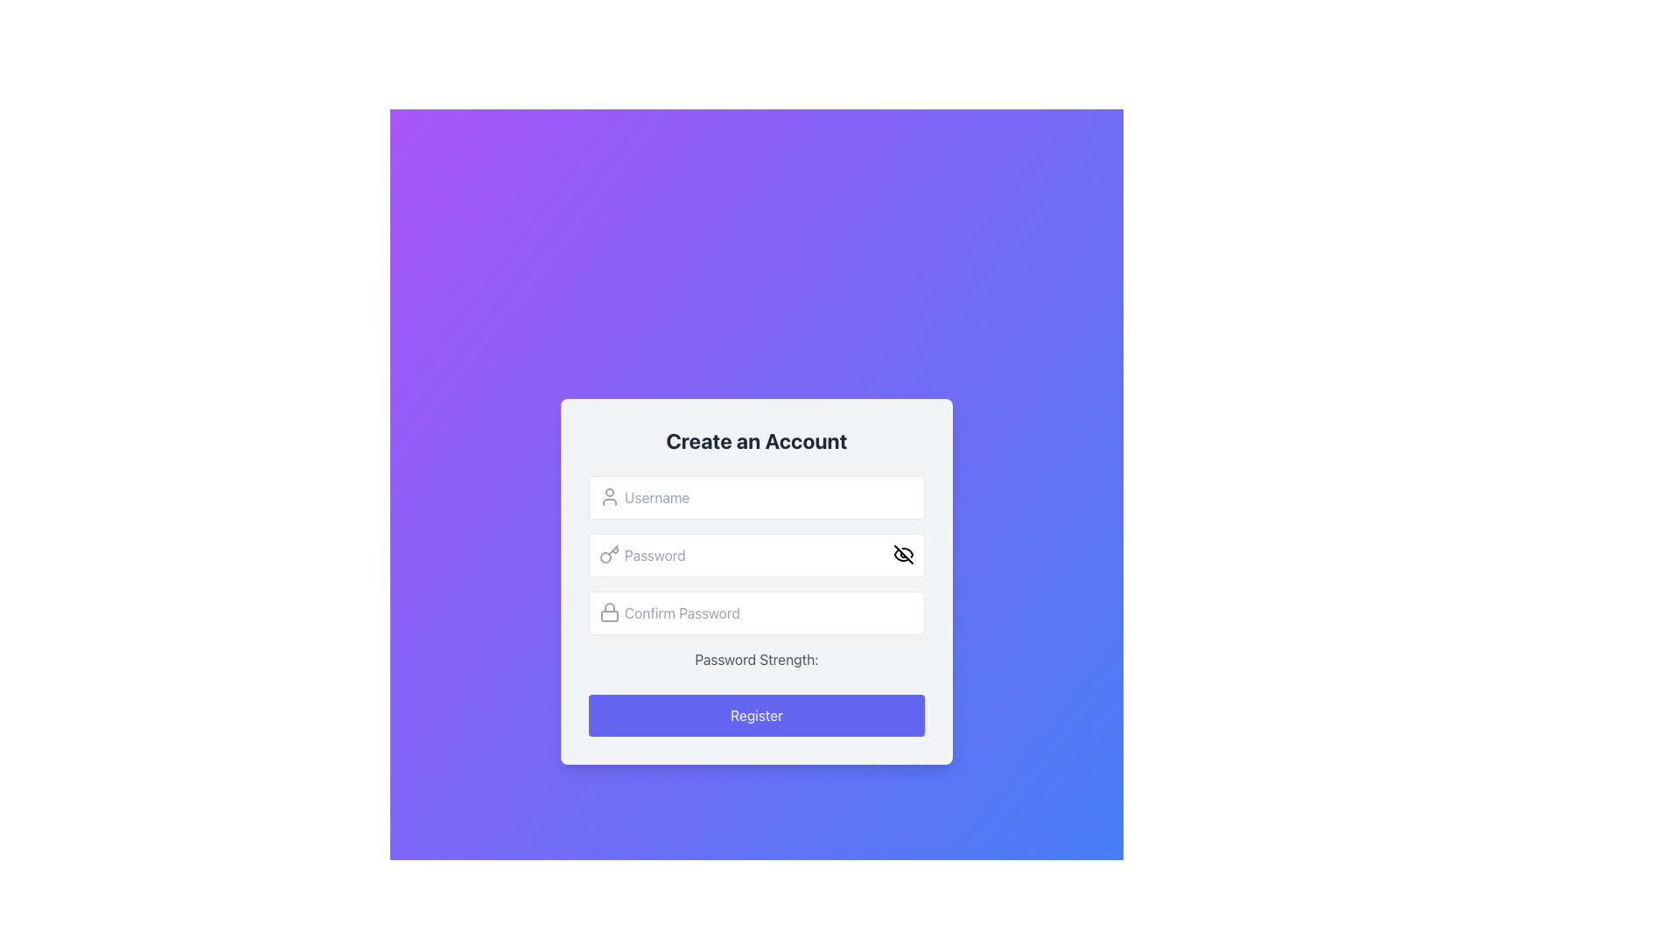  Describe the element at coordinates (756, 659) in the screenshot. I see `the 'Password Strength:' label, which is displayed in gray text within a card-like UI, located beneath the password confirmation field` at that location.